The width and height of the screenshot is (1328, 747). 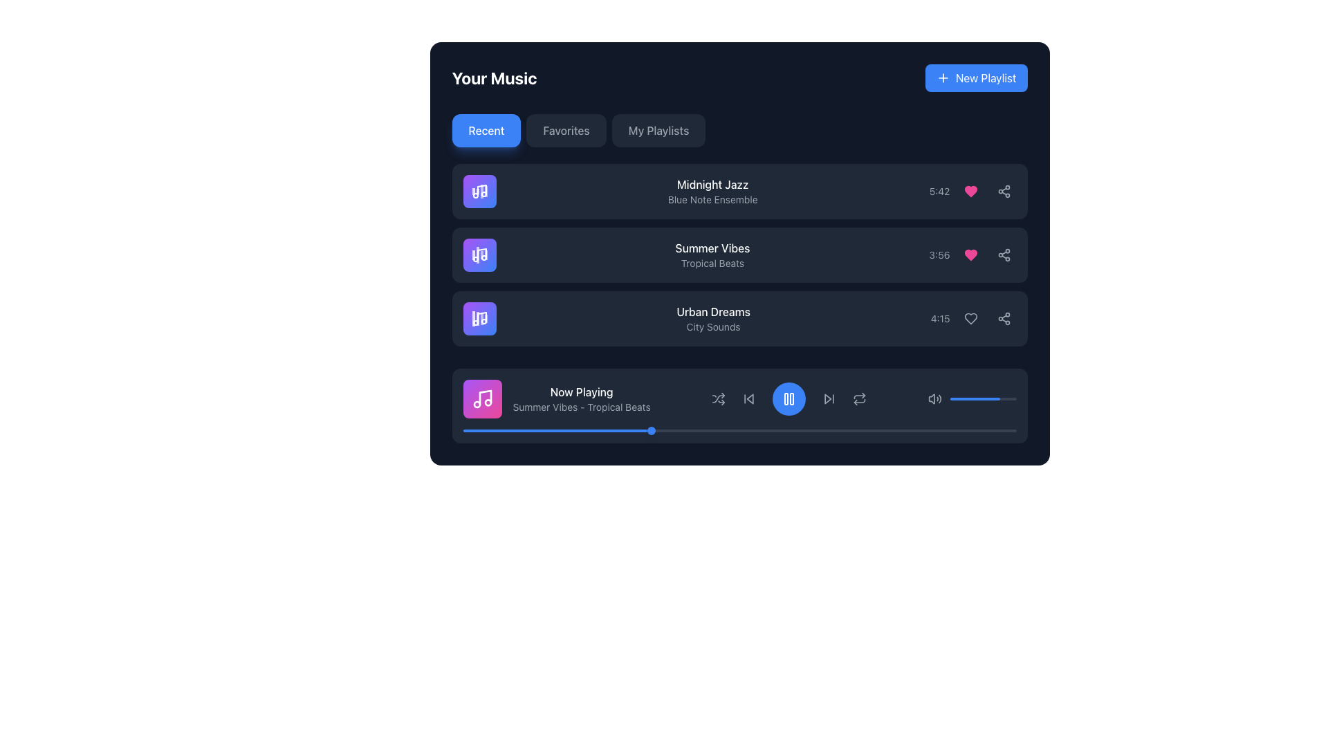 I want to click on the third icon in the vertical list representing the 'Urban Dreams' music track, so click(x=479, y=319).